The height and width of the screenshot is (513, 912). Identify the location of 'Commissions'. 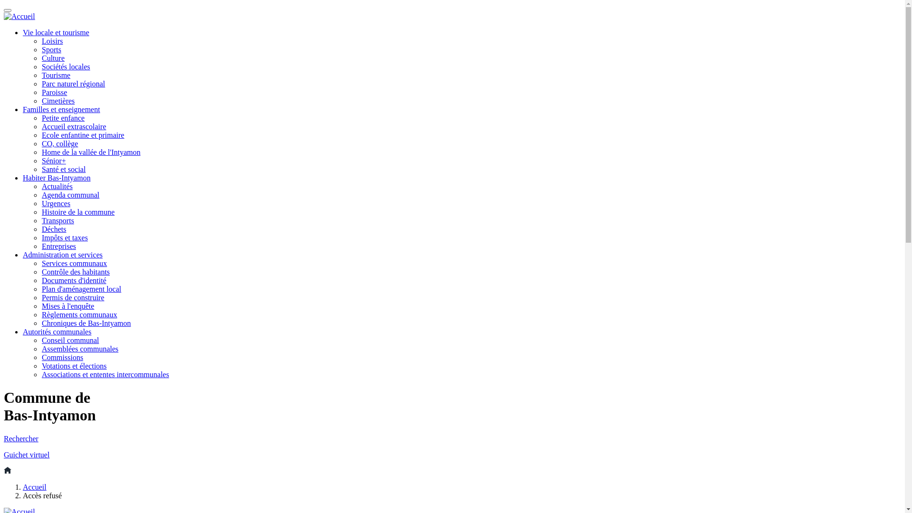
(62, 357).